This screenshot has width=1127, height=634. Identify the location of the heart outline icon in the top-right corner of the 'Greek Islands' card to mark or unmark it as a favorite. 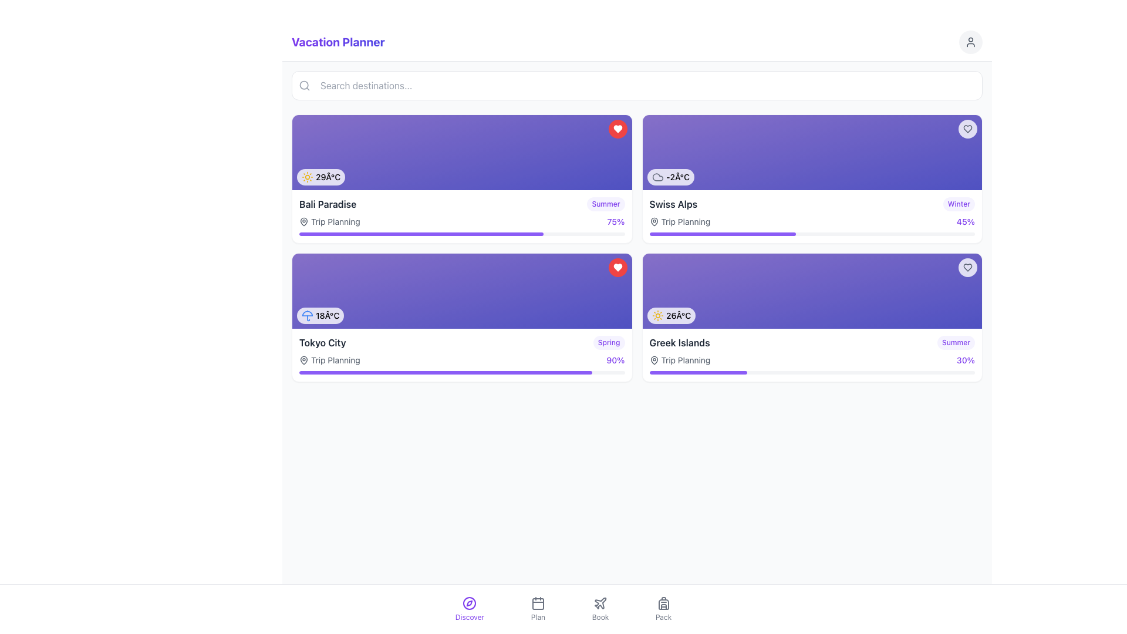
(968, 267).